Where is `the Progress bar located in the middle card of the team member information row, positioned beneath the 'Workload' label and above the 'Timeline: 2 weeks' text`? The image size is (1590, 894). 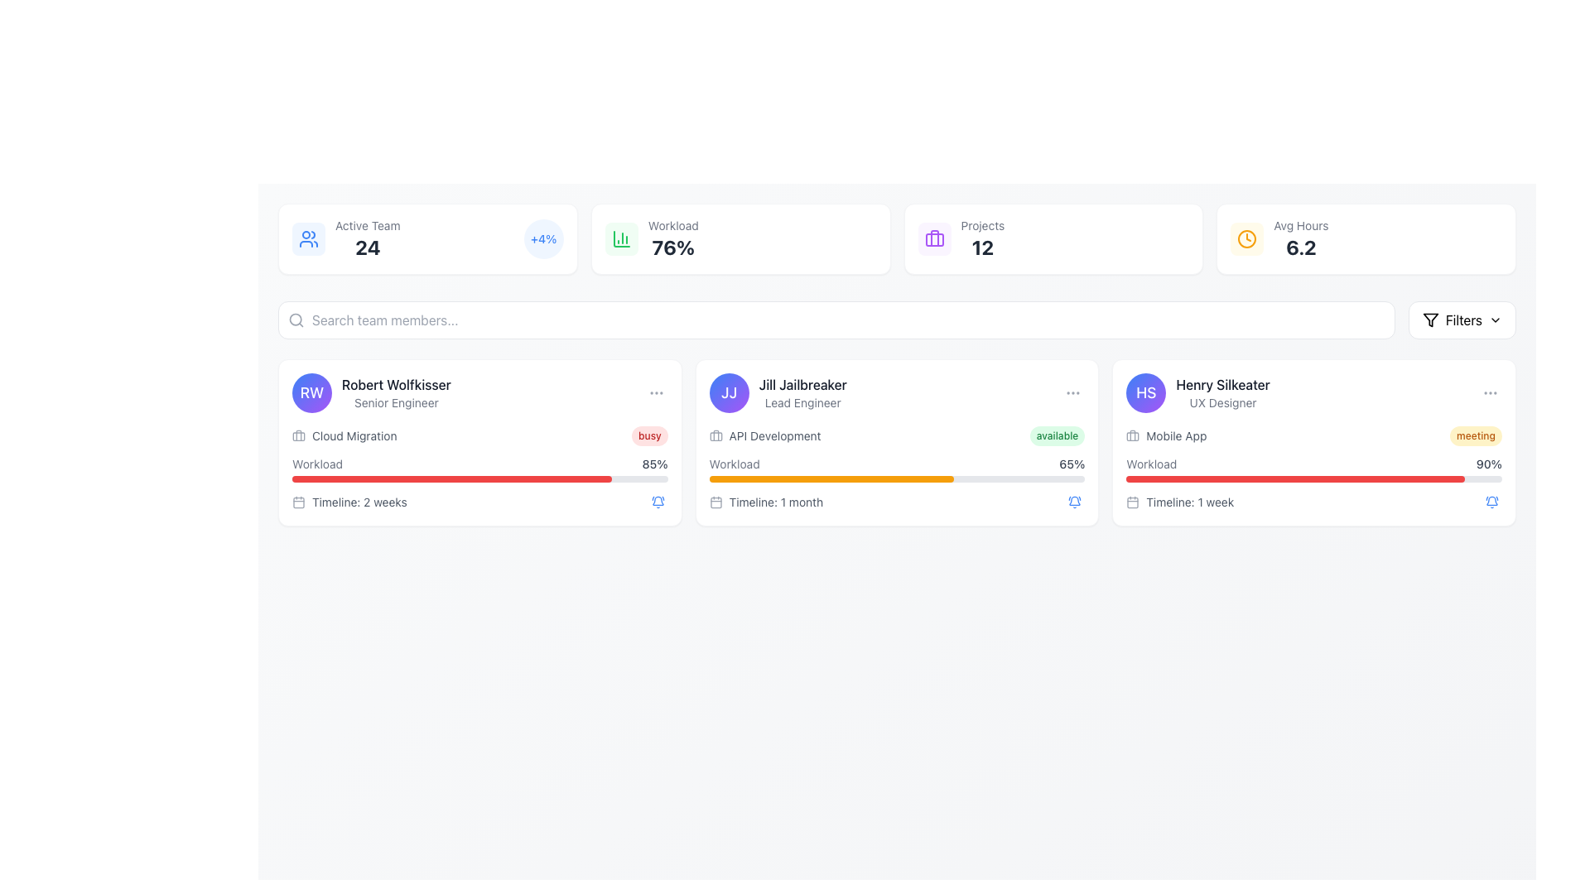
the Progress bar located in the middle card of the team member information row, positioned beneath the 'Workload' label and above the 'Timeline: 2 weeks' text is located at coordinates (479, 478).